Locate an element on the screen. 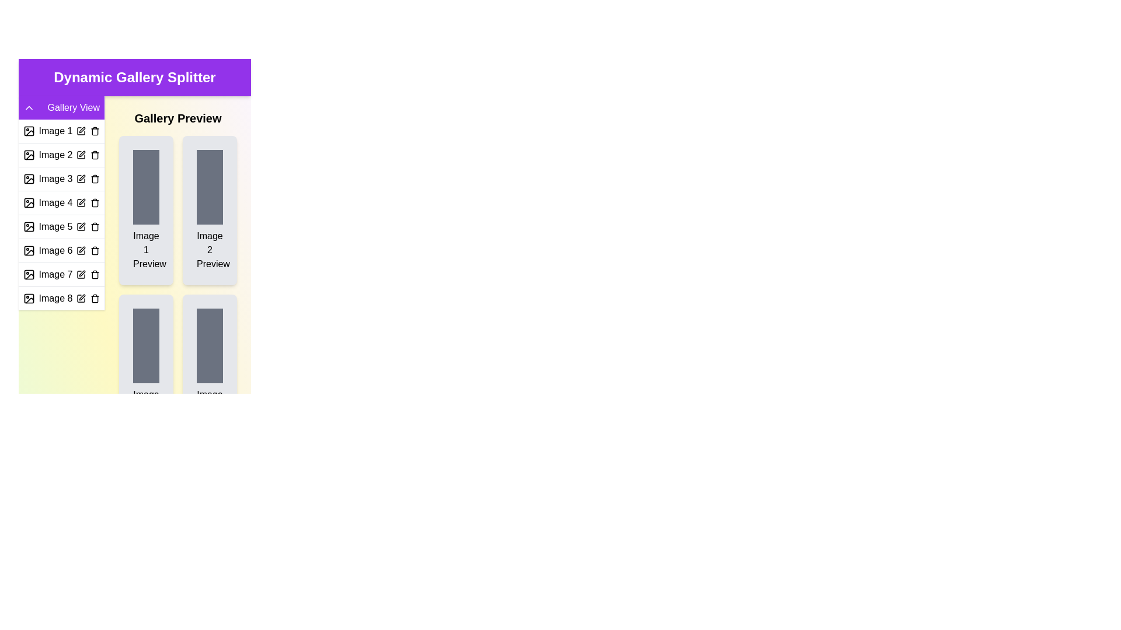  the SVG icon representing the edit or pen symbol located next to the text 'Image 5' in the vertical list is located at coordinates (81, 227).